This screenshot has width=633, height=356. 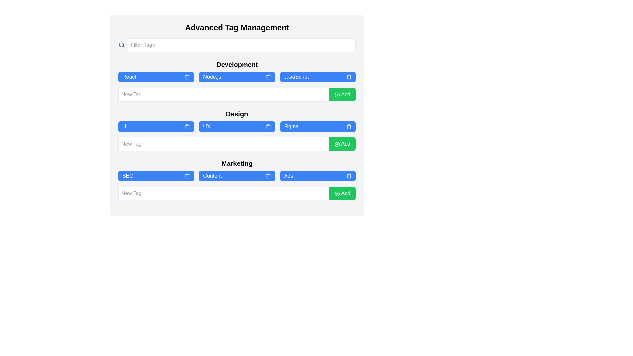 I want to click on the 'SEO' button located as the first button, so click(x=156, y=175).